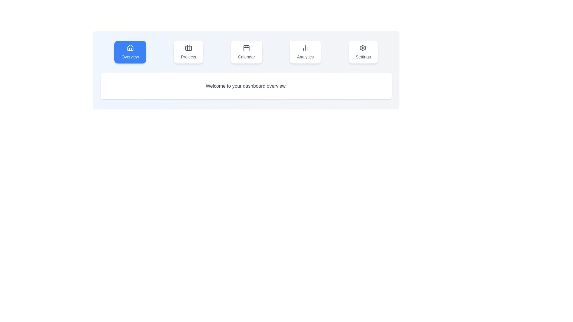  What do you see at coordinates (188, 47) in the screenshot?
I see `the 'Projects' button, which contains a vertical line segment styled as a thin stroke forming part of a suitcase icon` at bounding box center [188, 47].